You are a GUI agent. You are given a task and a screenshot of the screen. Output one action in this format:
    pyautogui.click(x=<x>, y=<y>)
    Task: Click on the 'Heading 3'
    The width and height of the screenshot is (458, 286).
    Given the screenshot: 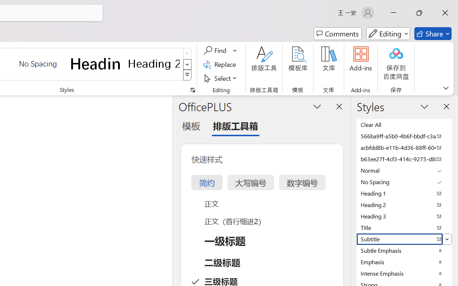 What is the action you would take?
    pyautogui.click(x=404, y=216)
    